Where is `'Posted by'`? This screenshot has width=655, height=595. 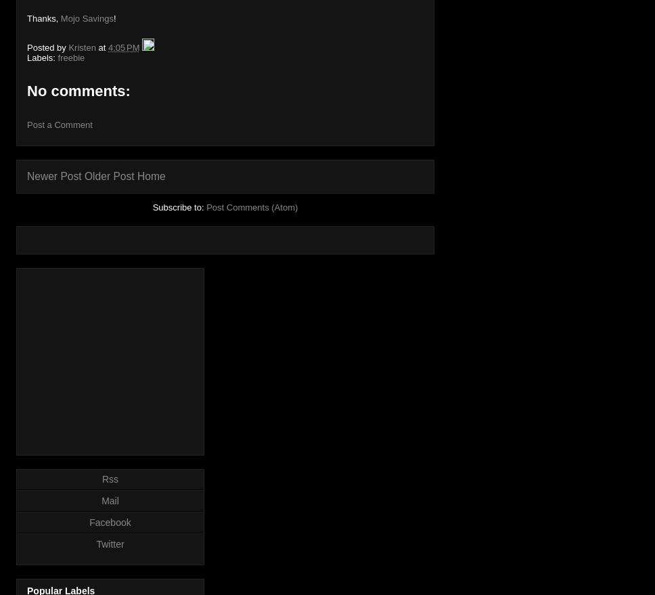 'Posted by' is located at coordinates (47, 47).